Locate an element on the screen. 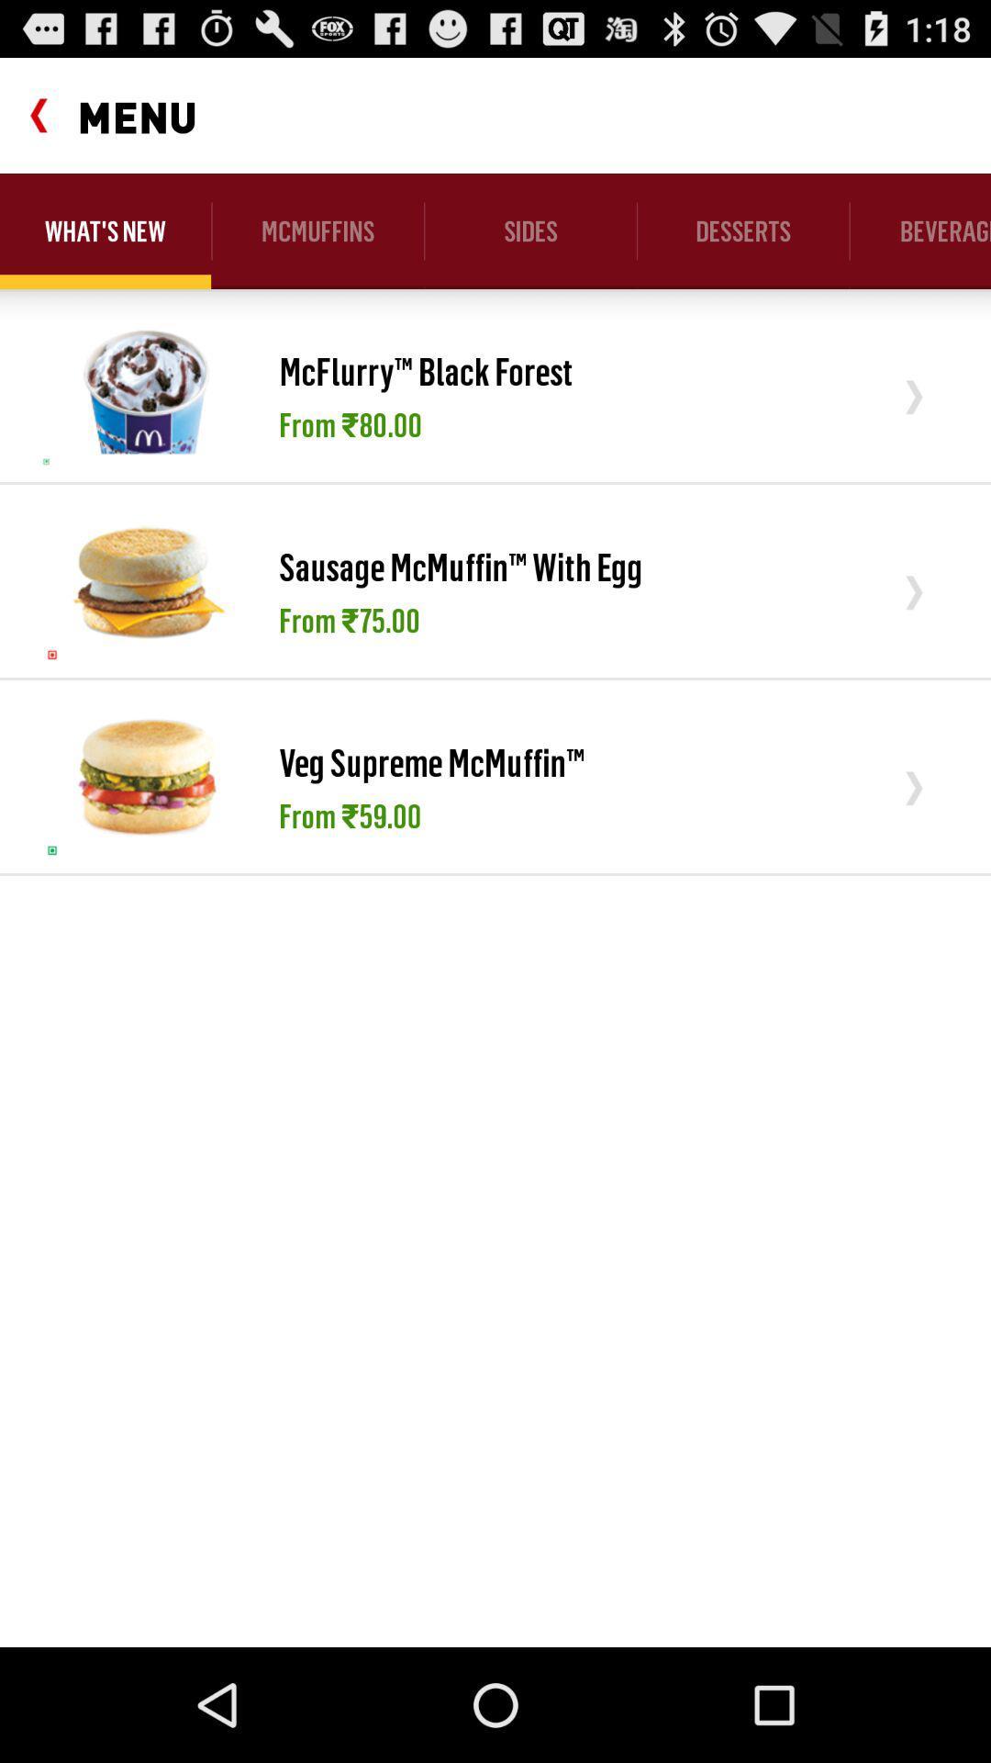  the item below what's new is located at coordinates (146, 384).